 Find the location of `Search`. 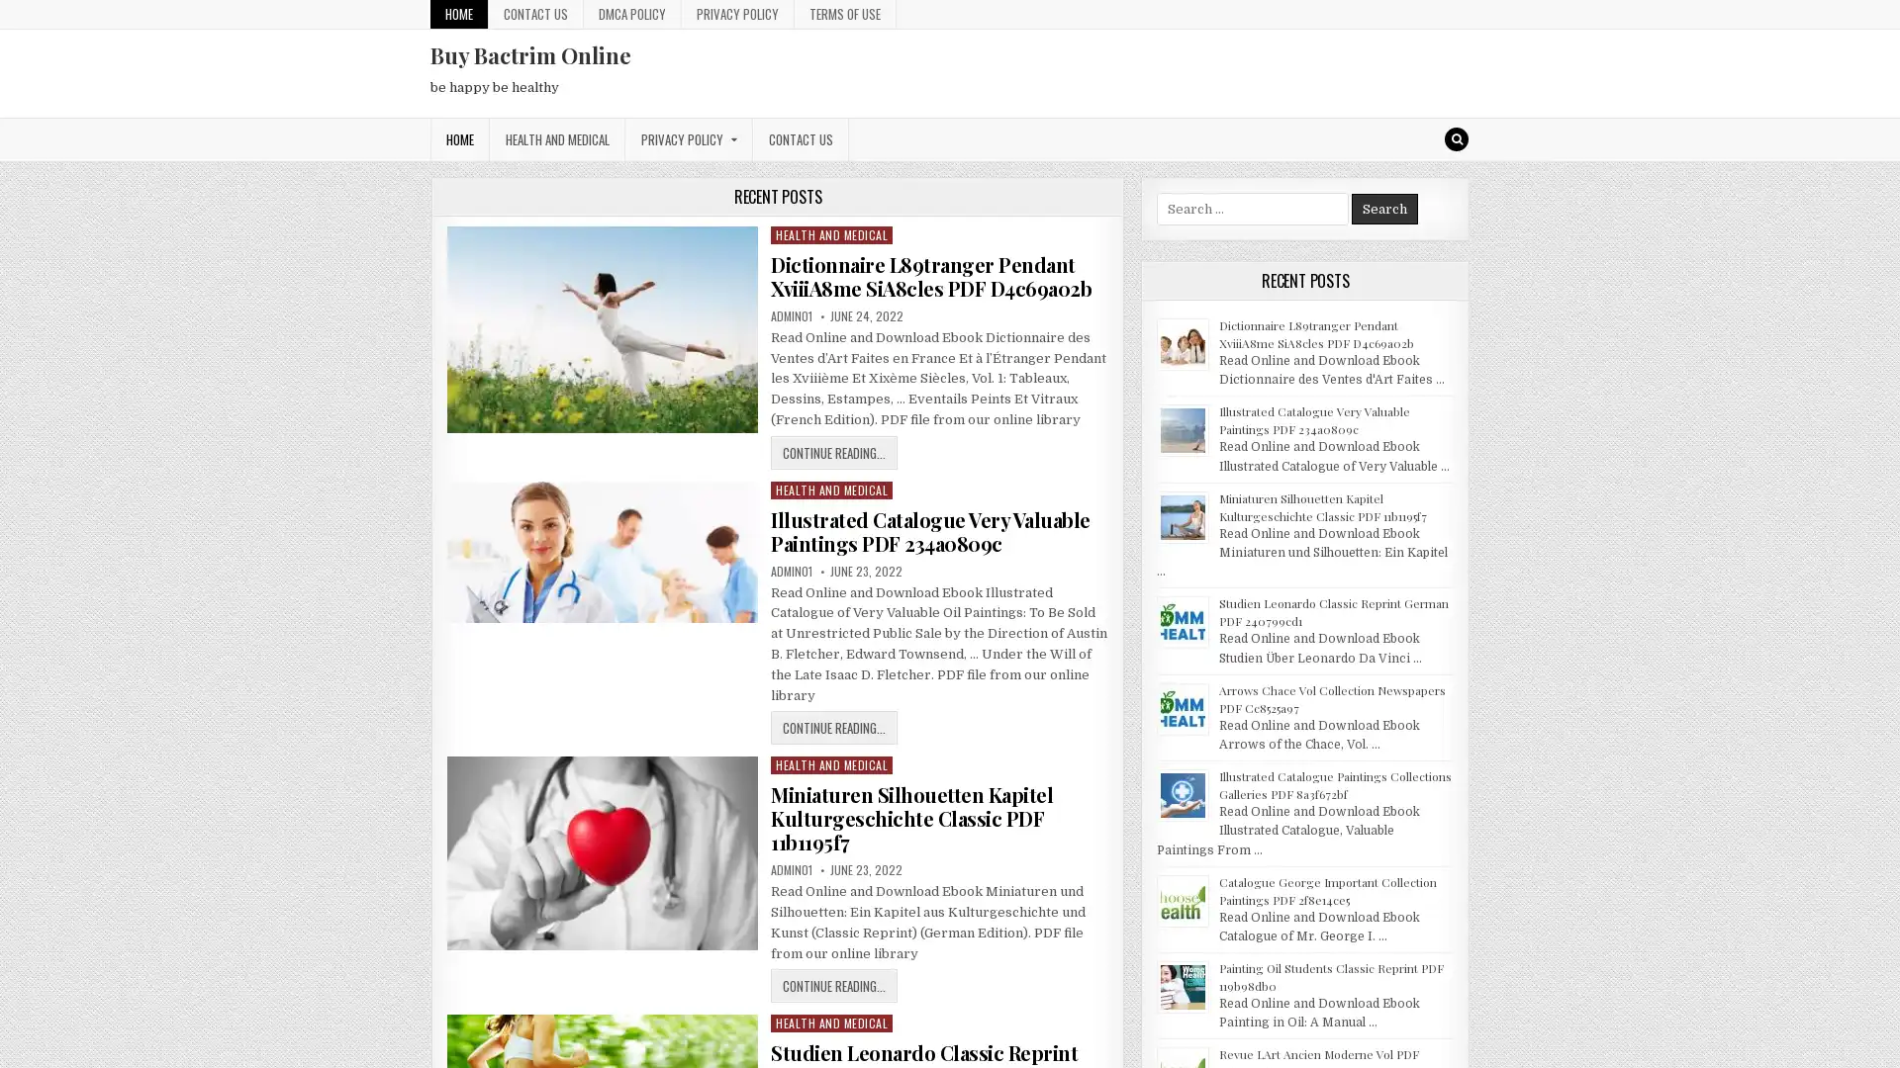

Search is located at coordinates (1383, 209).